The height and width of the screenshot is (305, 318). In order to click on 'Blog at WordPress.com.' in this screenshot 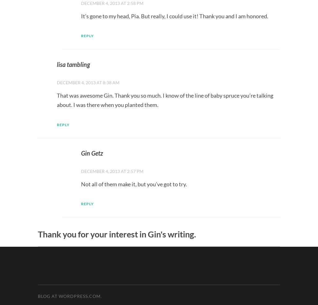, I will do `click(69, 296)`.